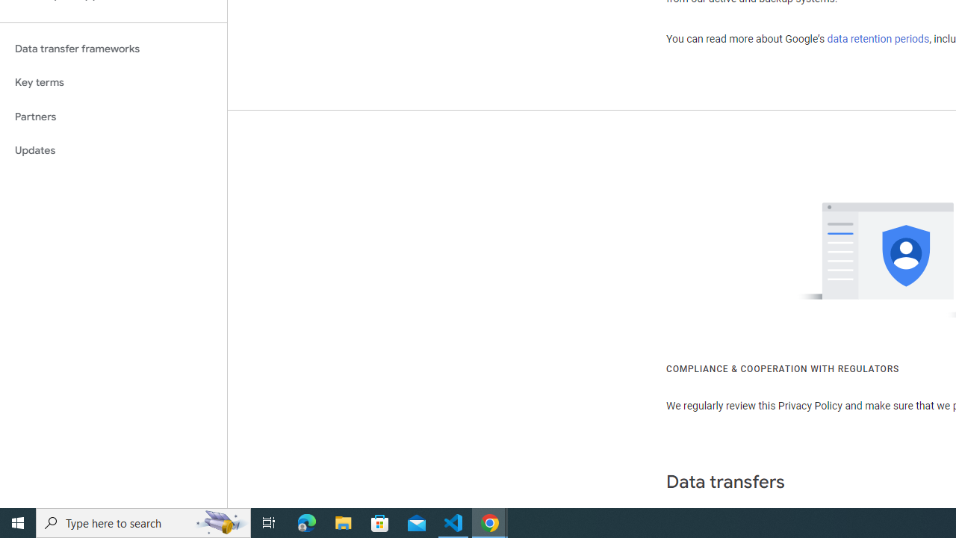 The width and height of the screenshot is (956, 538). What do you see at coordinates (113, 82) in the screenshot?
I see `'Key terms'` at bounding box center [113, 82].